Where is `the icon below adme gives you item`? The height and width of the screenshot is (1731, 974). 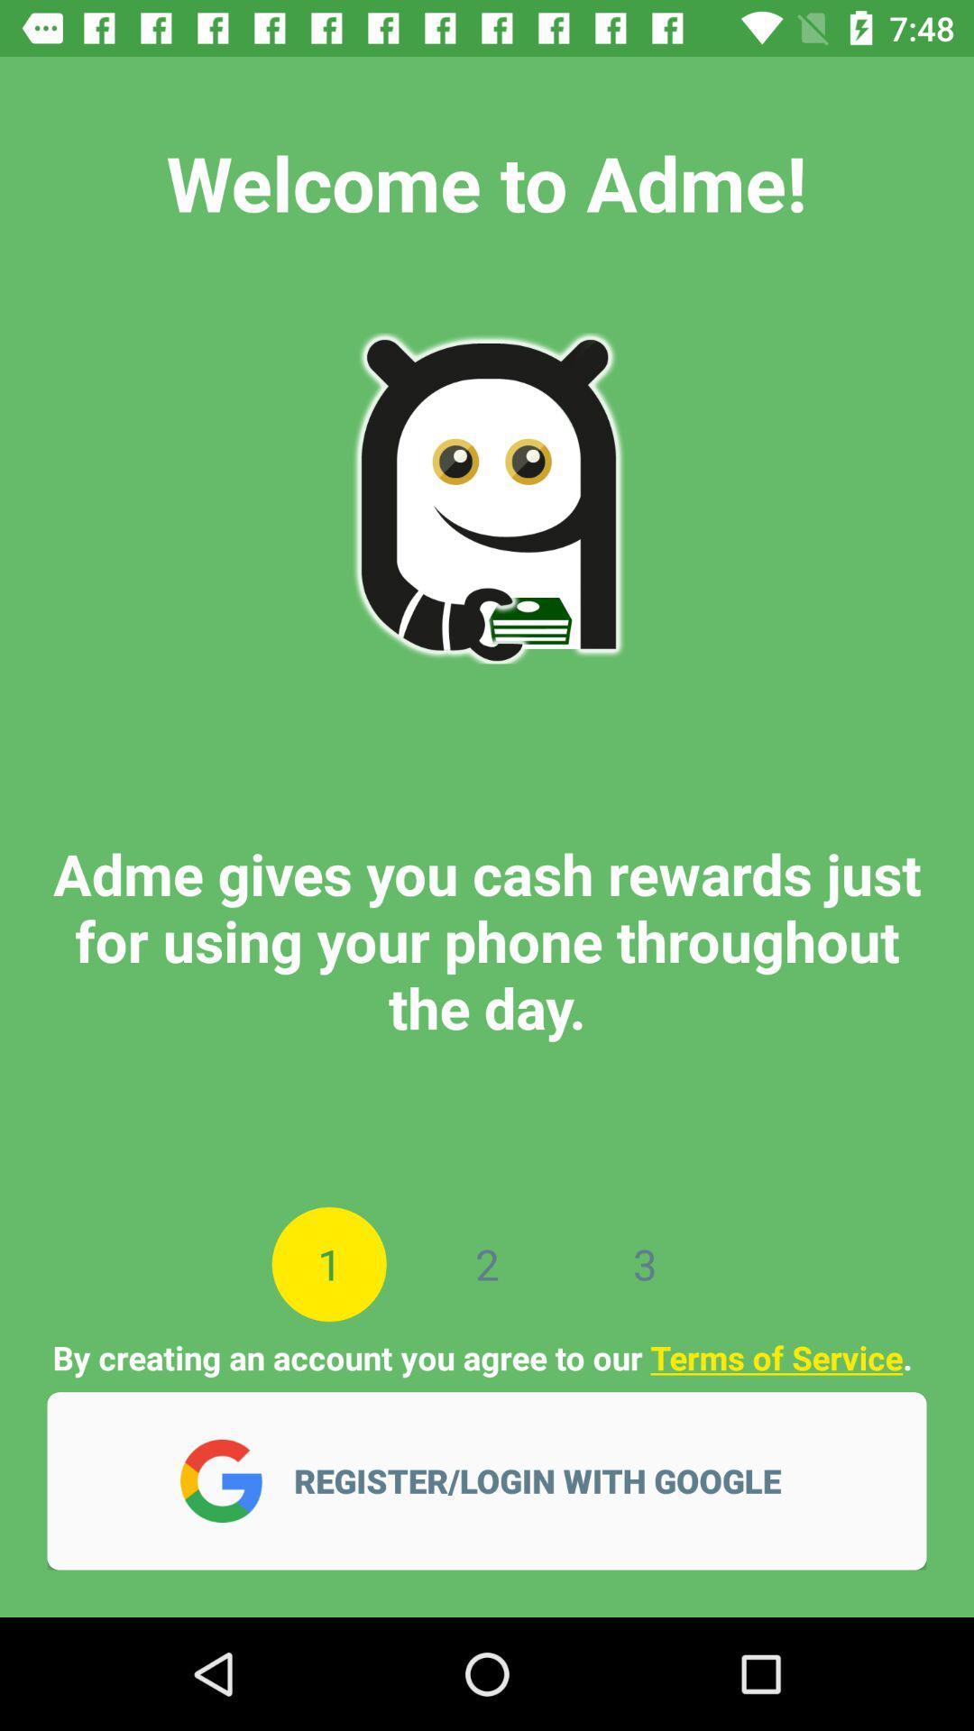
the icon below adme gives you item is located at coordinates (644, 1263).